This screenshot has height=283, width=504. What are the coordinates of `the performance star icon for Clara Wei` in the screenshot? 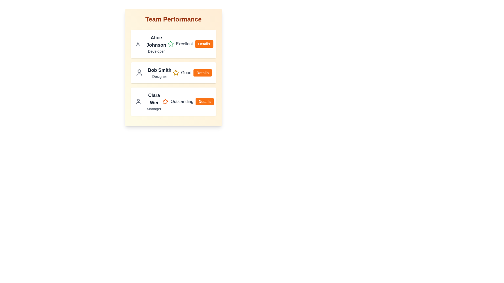 It's located at (165, 102).